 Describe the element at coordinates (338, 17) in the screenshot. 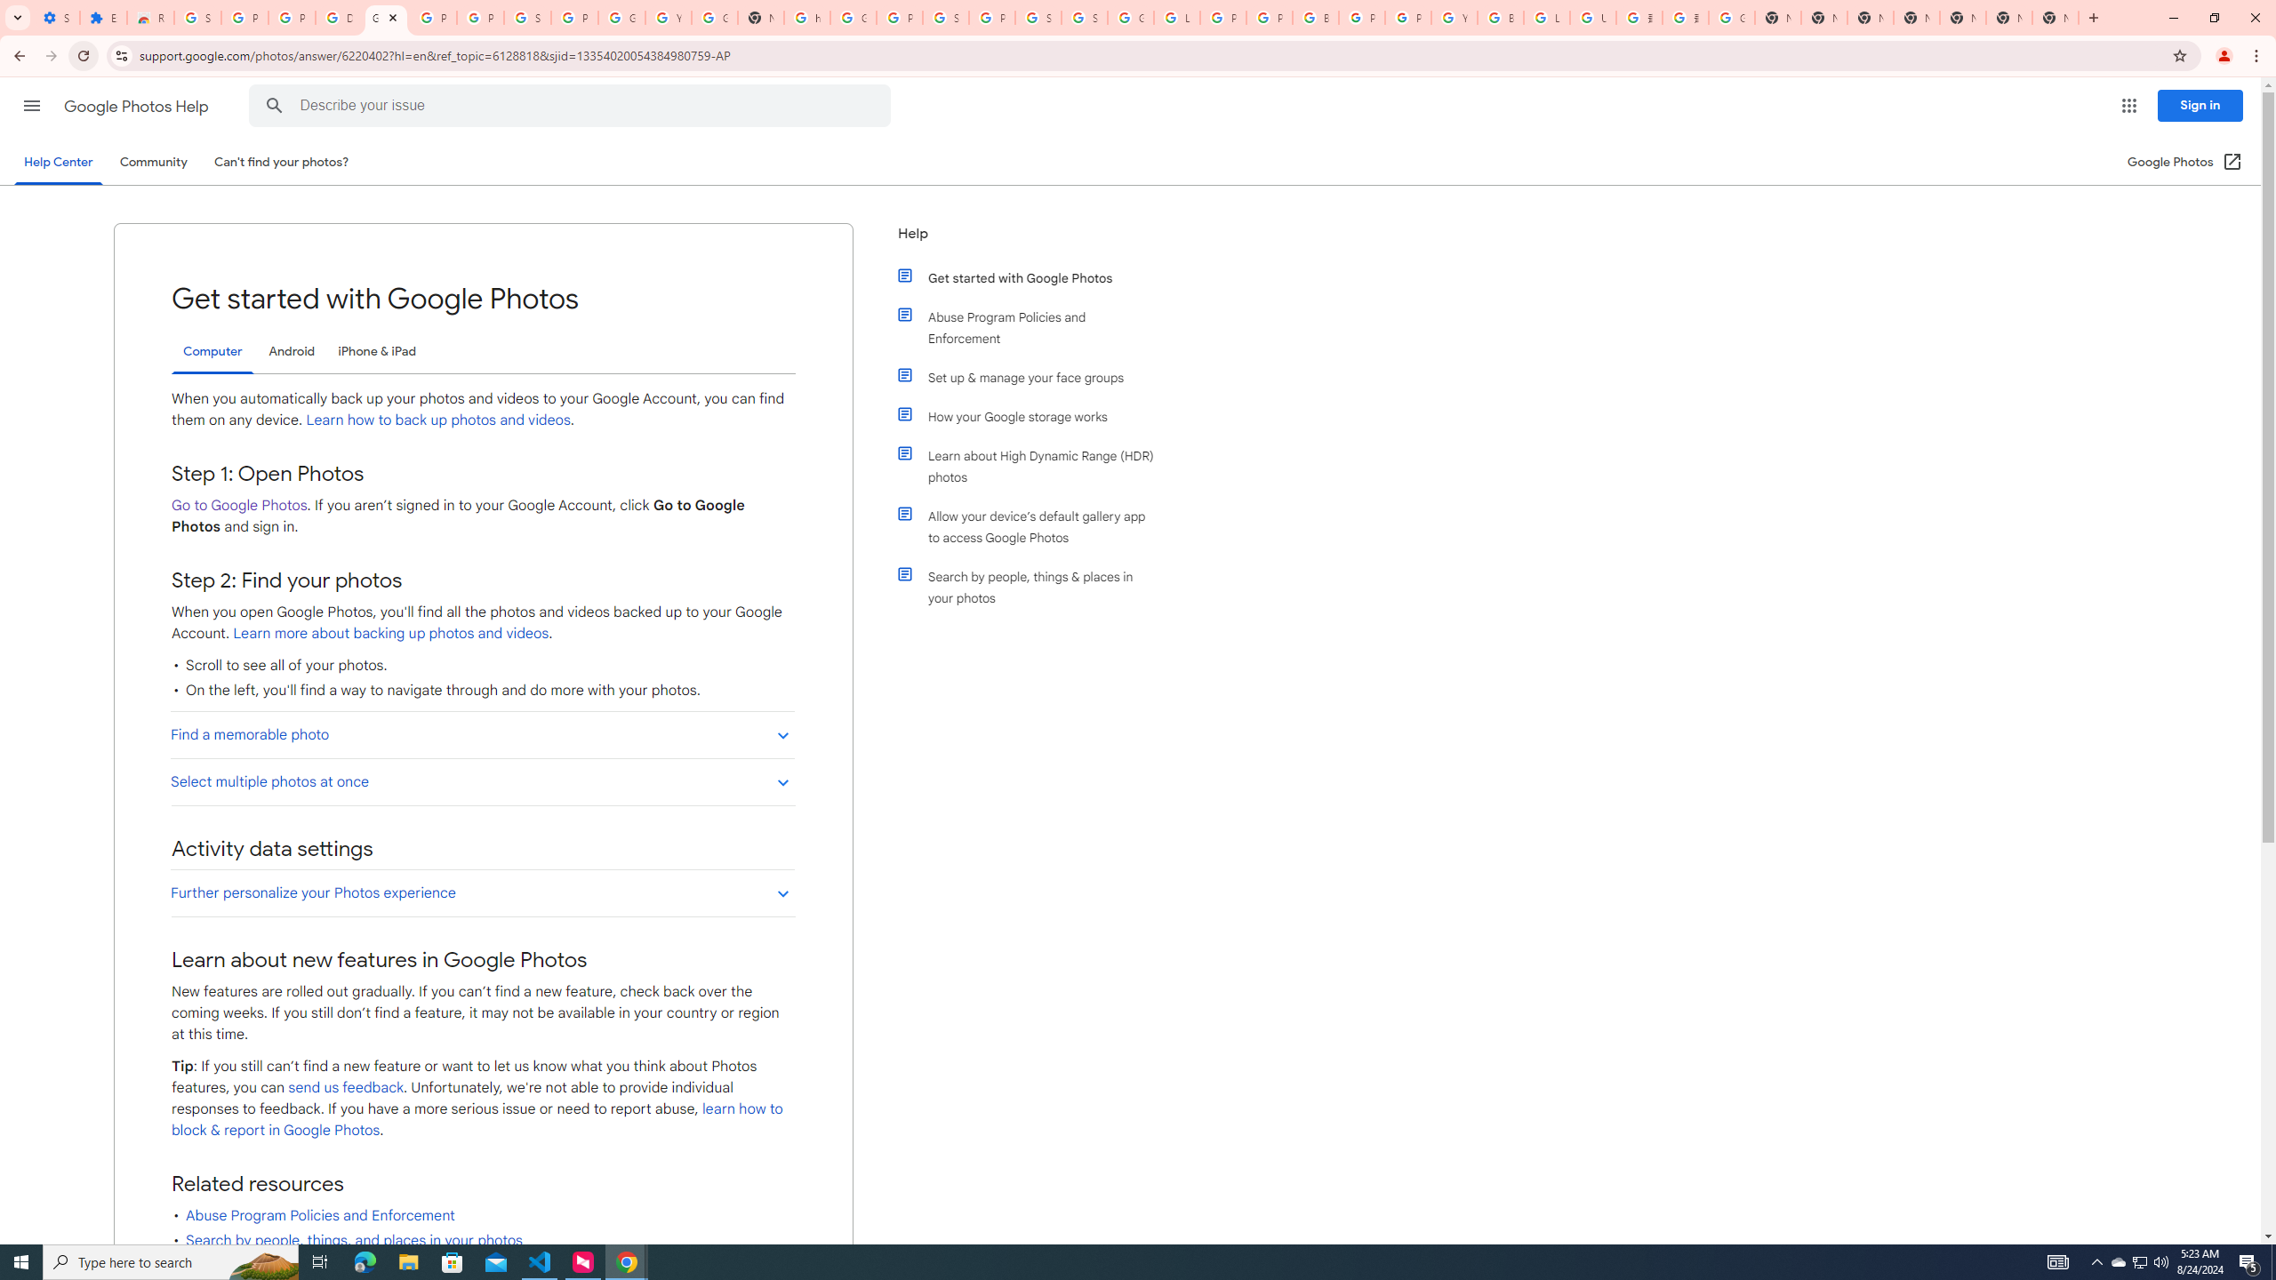

I see `'Delete photos & videos - Computer - Google Photos Help'` at that location.